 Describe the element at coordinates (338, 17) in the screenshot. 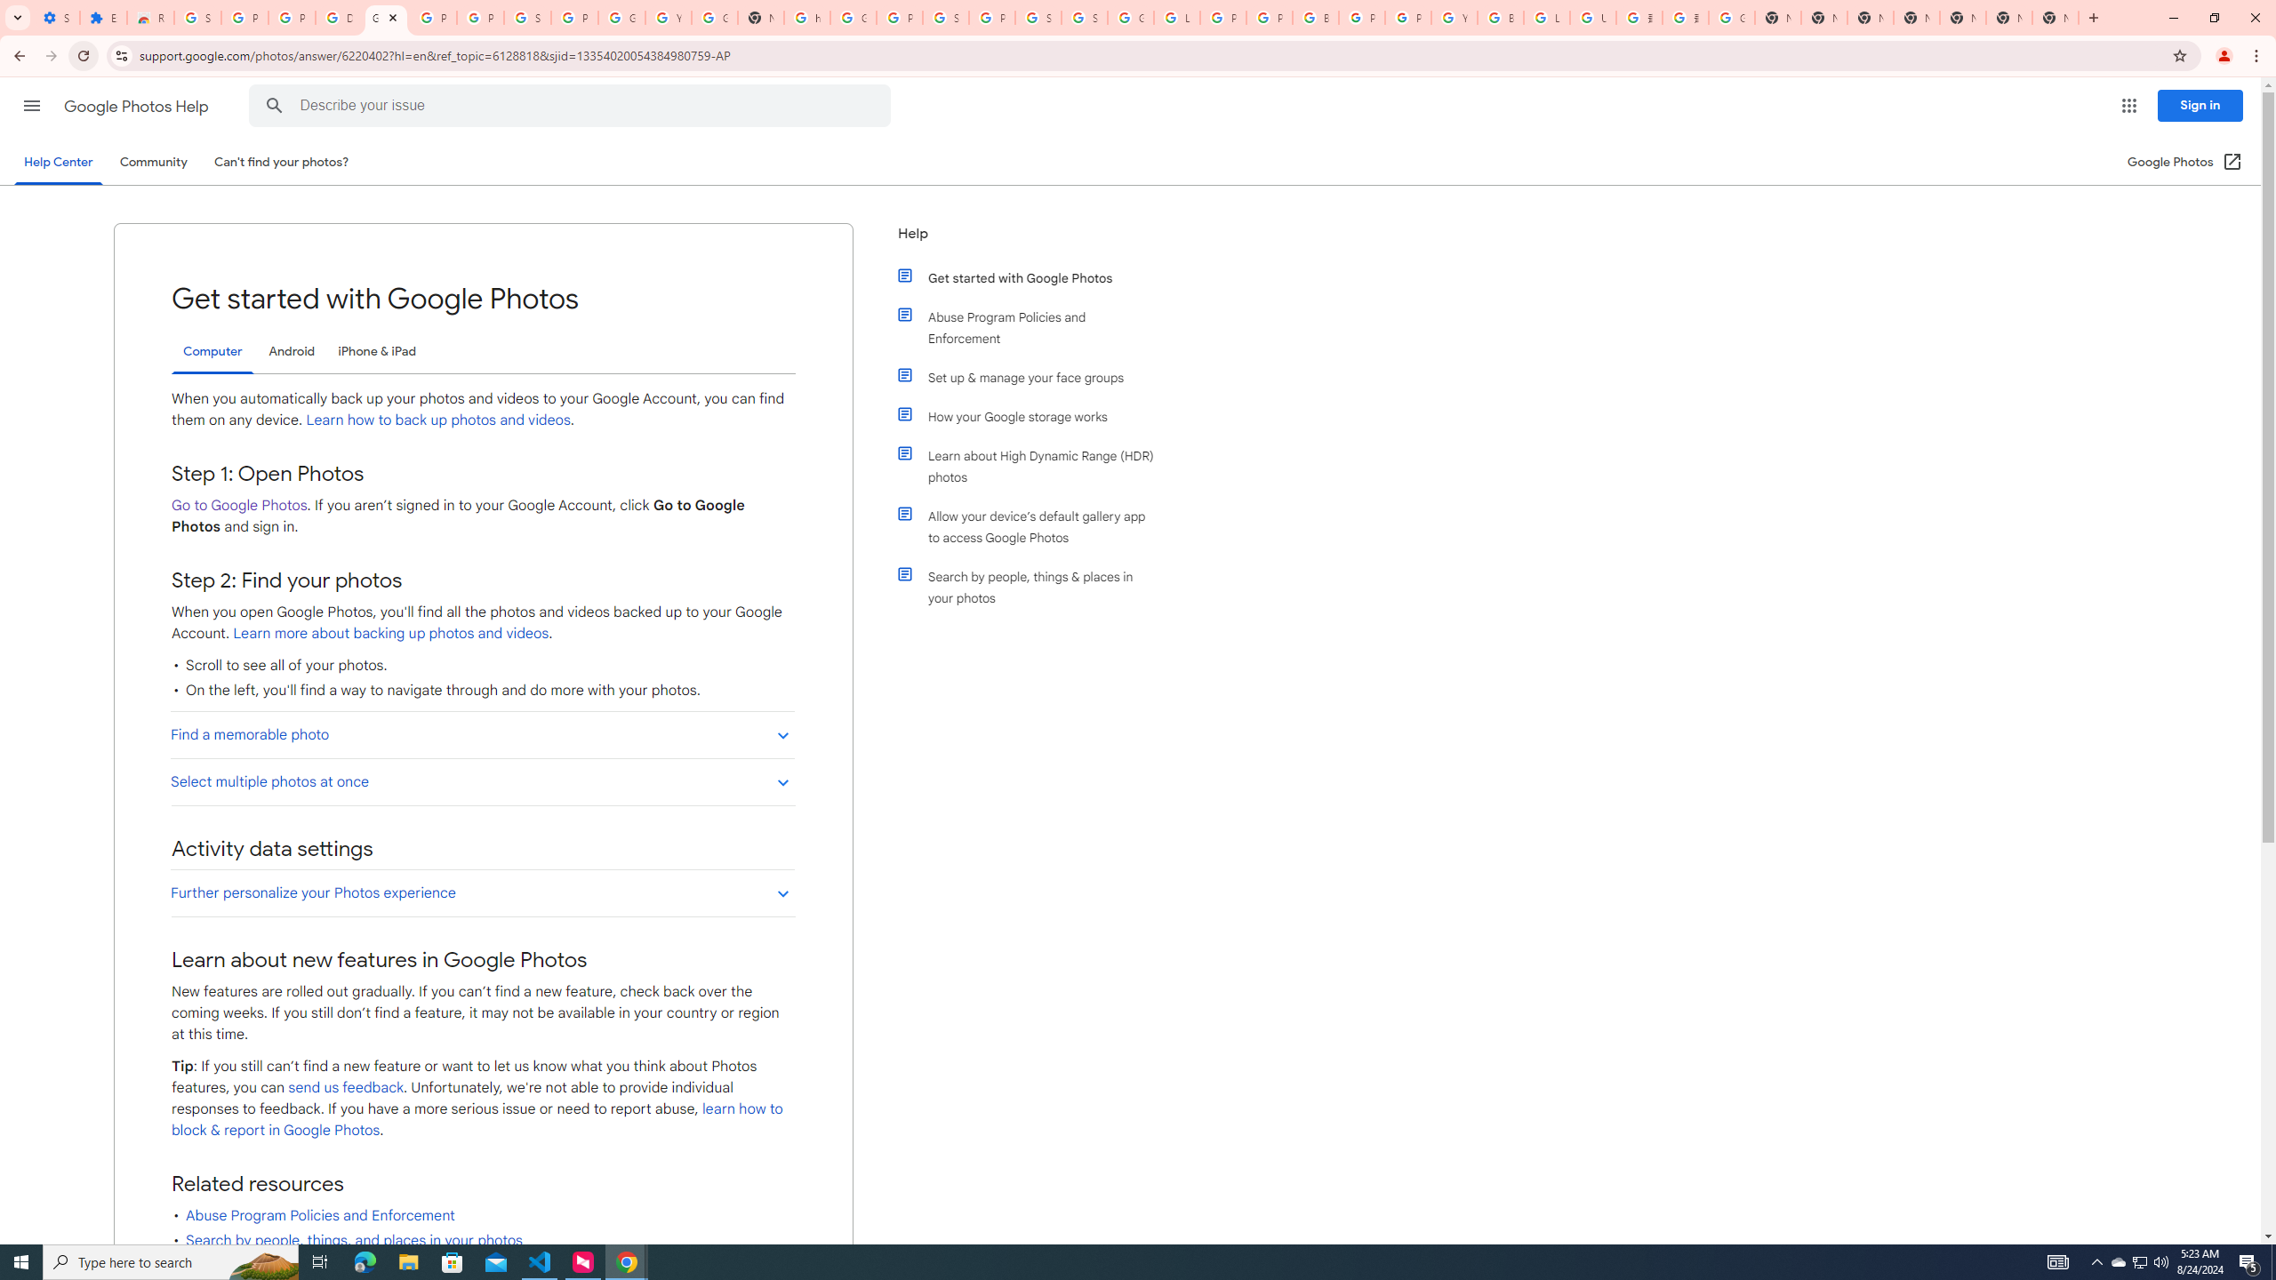

I see `'Delete photos & videos - Computer - Google Photos Help'` at that location.